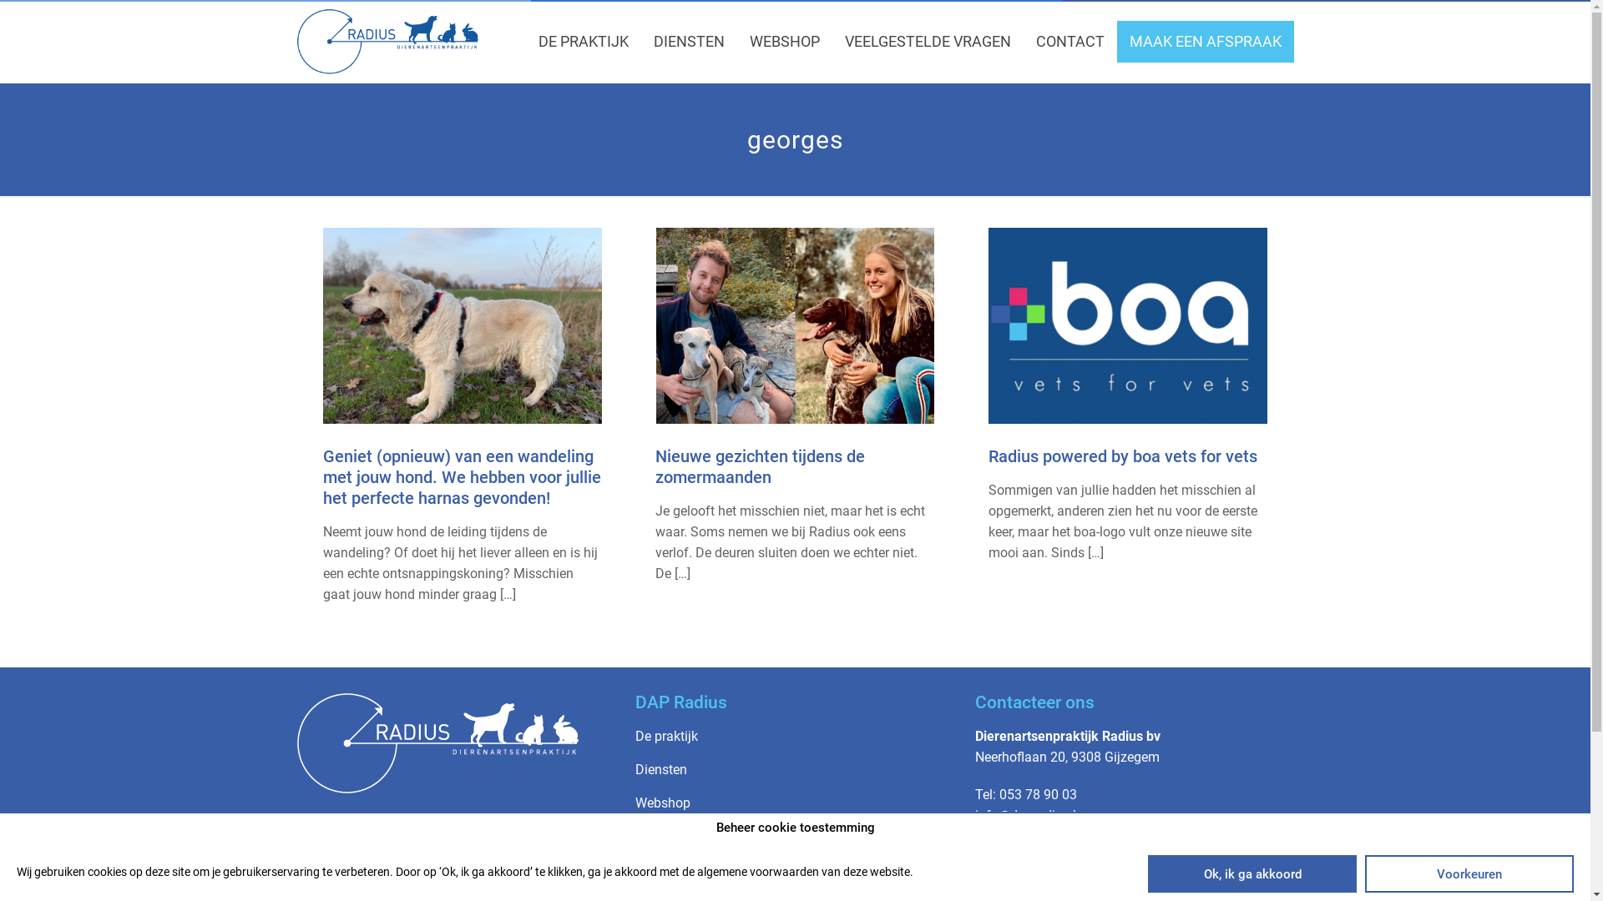 This screenshot has width=1603, height=901. Describe the element at coordinates (1029, 814) in the screenshot. I see `'info@dapradius.be'` at that location.